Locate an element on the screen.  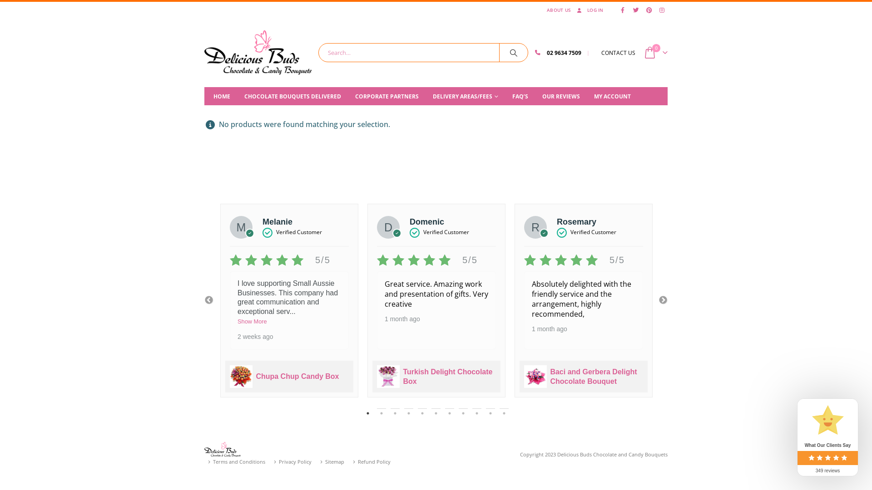
'Turkish Delight Chocolate Box' is located at coordinates (447, 376).